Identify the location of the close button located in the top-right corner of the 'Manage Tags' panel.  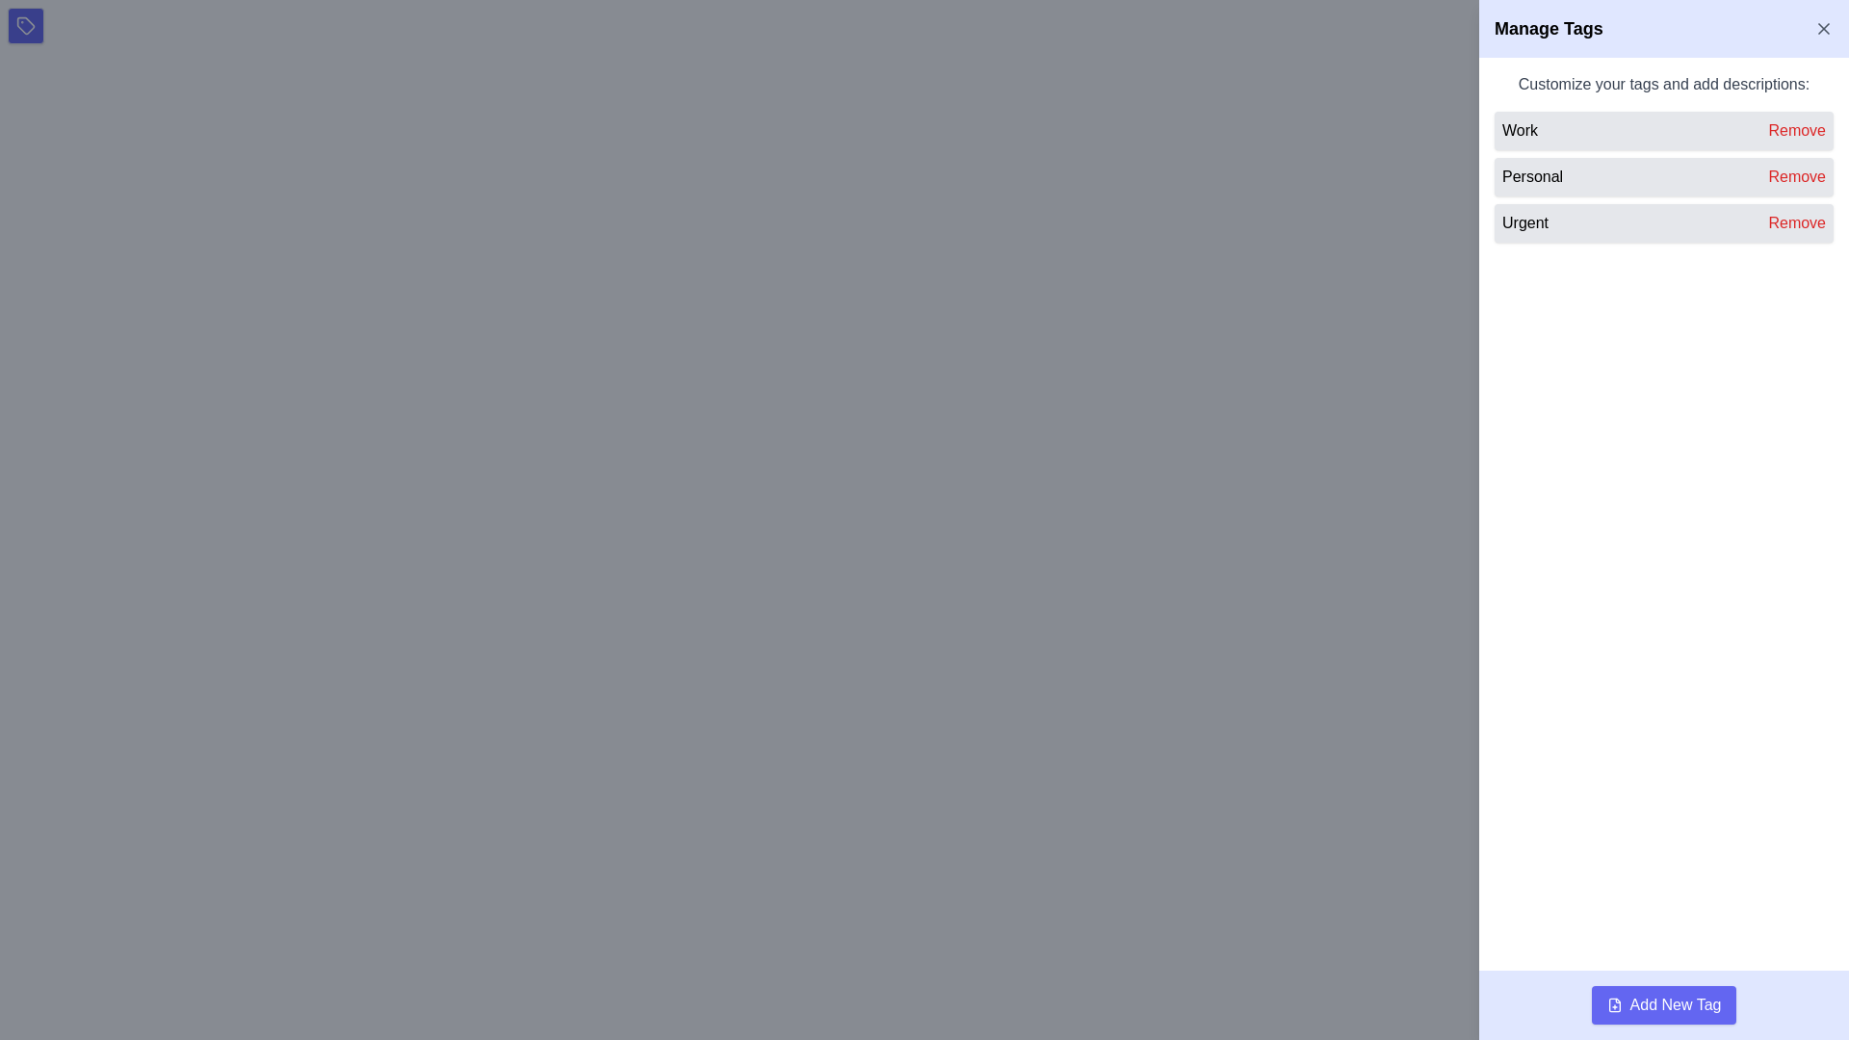
(1823, 29).